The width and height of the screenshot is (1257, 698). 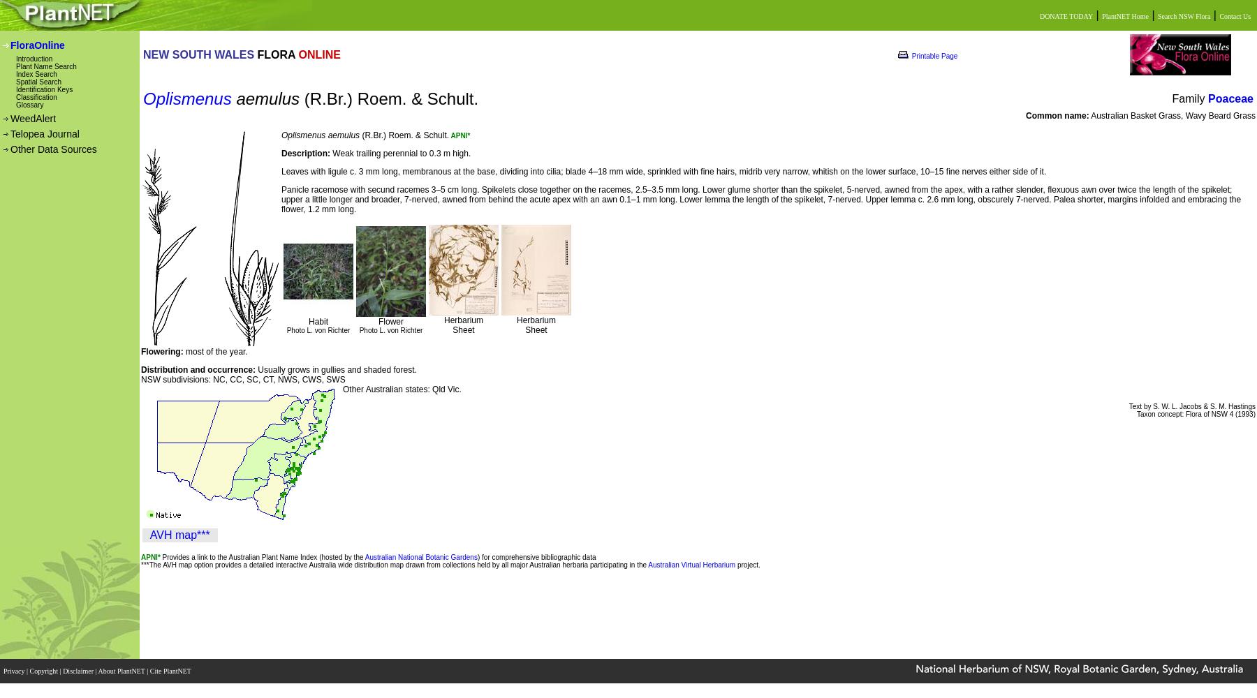 I want to click on 'Disclaimer', so click(x=79, y=670).